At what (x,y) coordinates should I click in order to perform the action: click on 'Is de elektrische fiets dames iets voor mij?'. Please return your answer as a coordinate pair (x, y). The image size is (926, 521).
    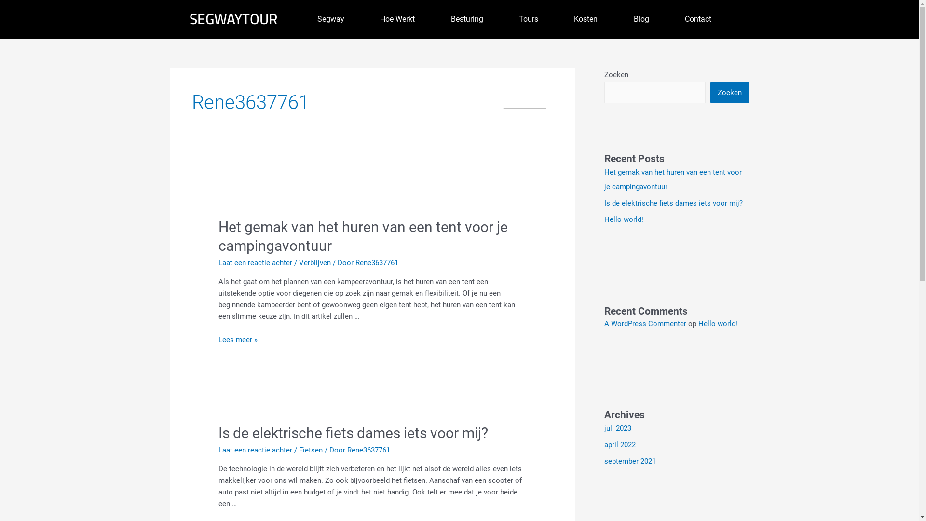
    Looking at the image, I should click on (353, 432).